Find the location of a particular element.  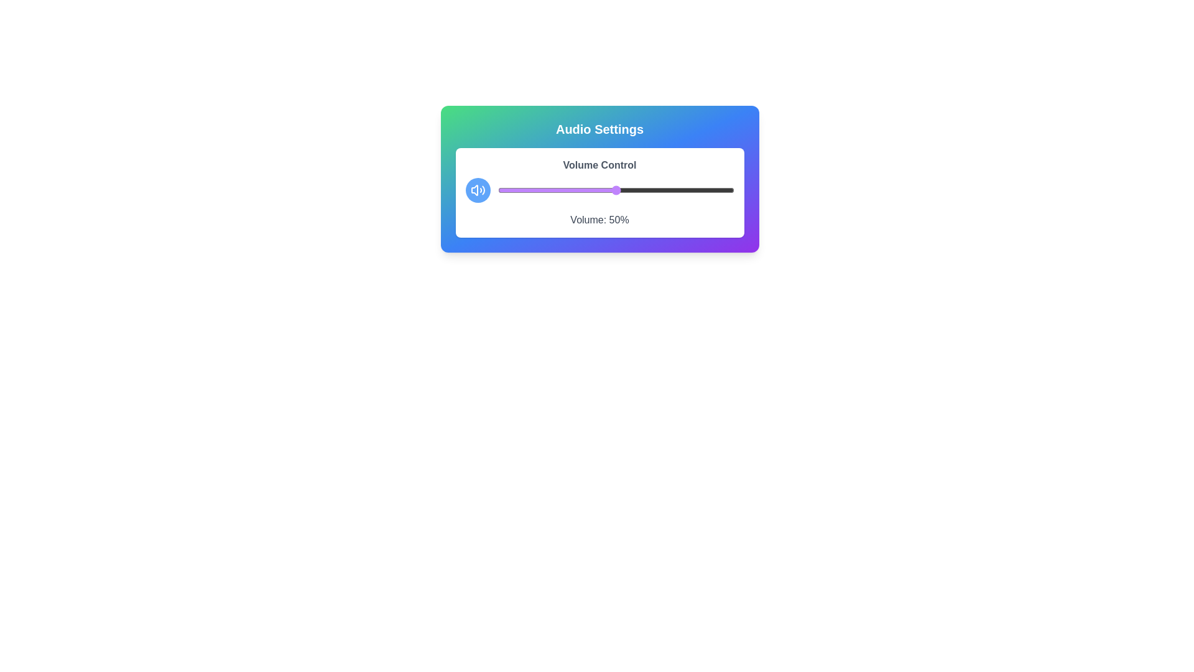

volume slider is located at coordinates (524, 190).